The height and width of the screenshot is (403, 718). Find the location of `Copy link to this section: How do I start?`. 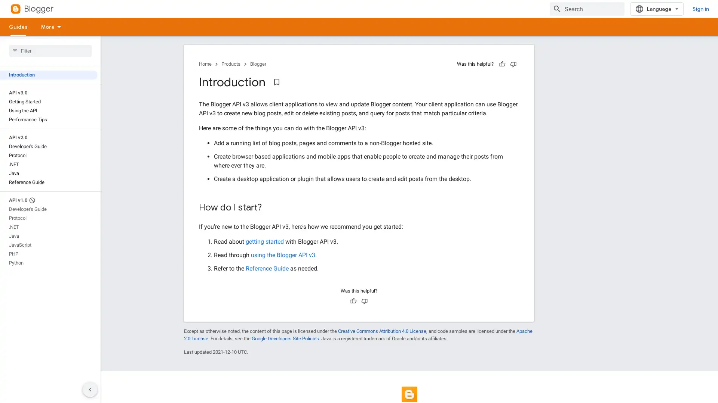

Copy link to this section: How do I start? is located at coordinates (269, 207).